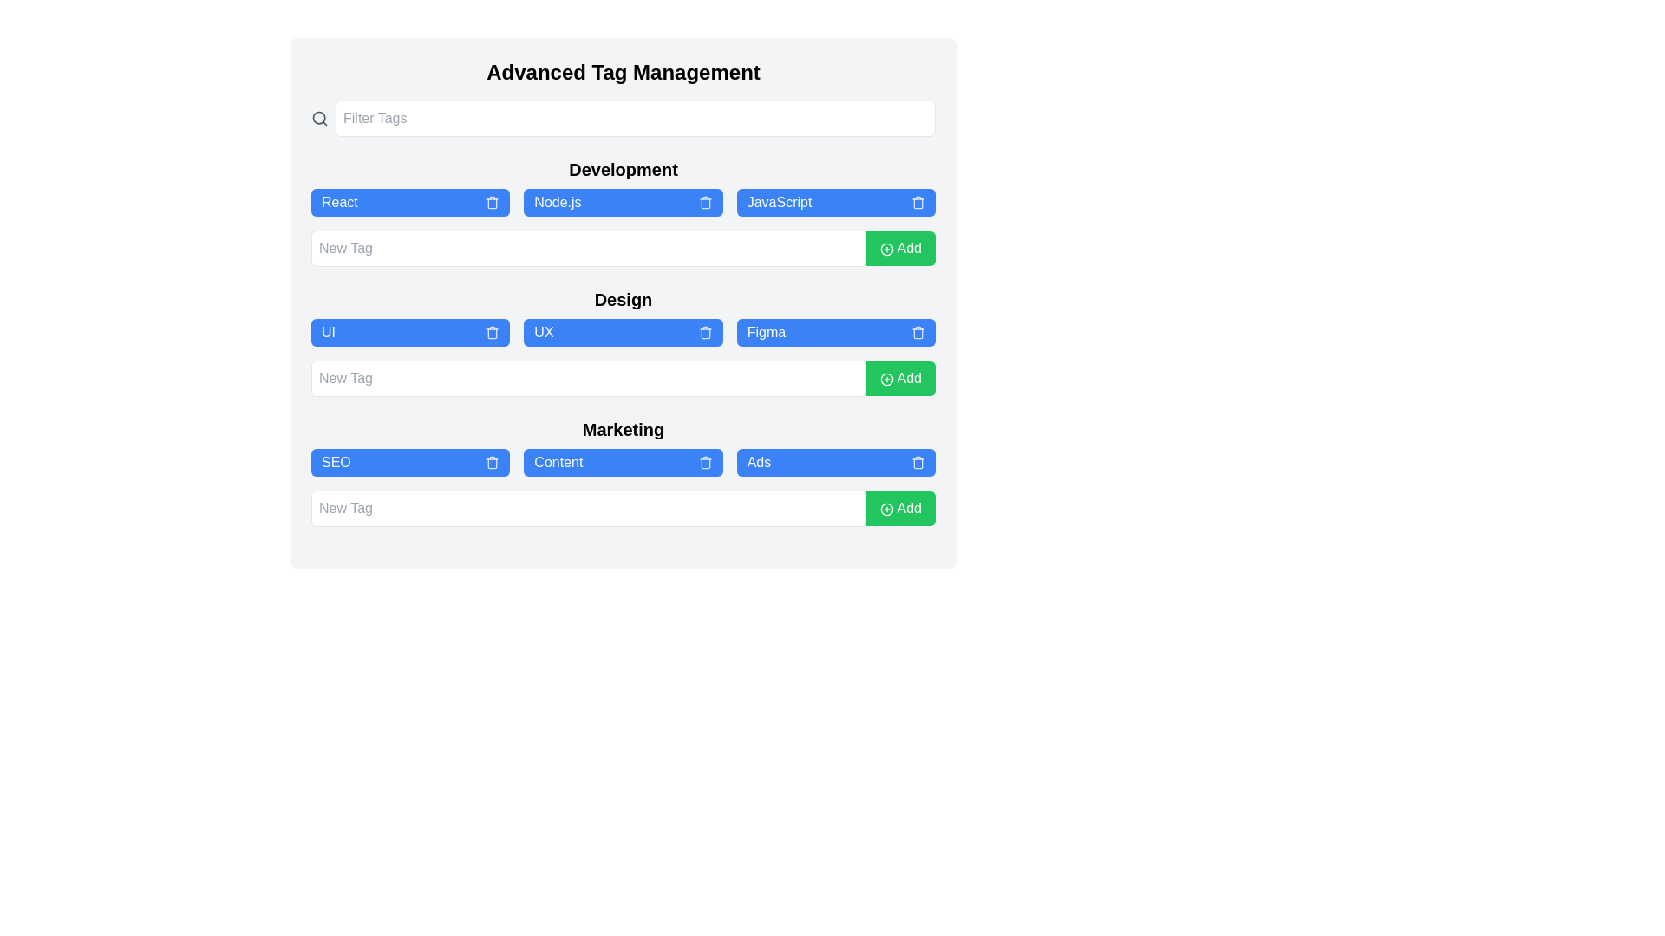 The height and width of the screenshot is (936, 1665). I want to click on the 'JavaScript' button with white text on a blue background located in the 'Development' section, which is the third tag in a row of blue buttons, so click(778, 202).